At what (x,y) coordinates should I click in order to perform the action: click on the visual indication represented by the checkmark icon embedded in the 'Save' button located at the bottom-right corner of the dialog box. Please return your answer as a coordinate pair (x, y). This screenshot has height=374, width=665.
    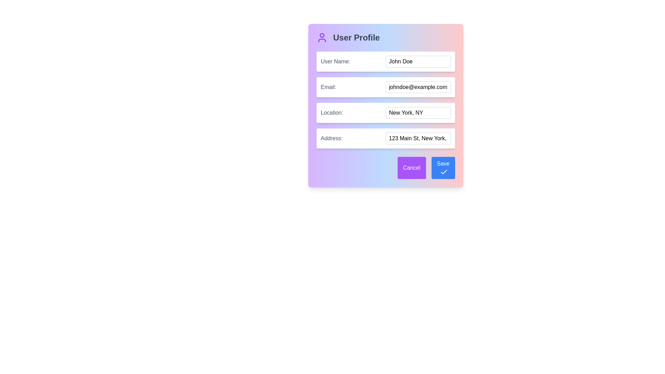
    Looking at the image, I should click on (444, 171).